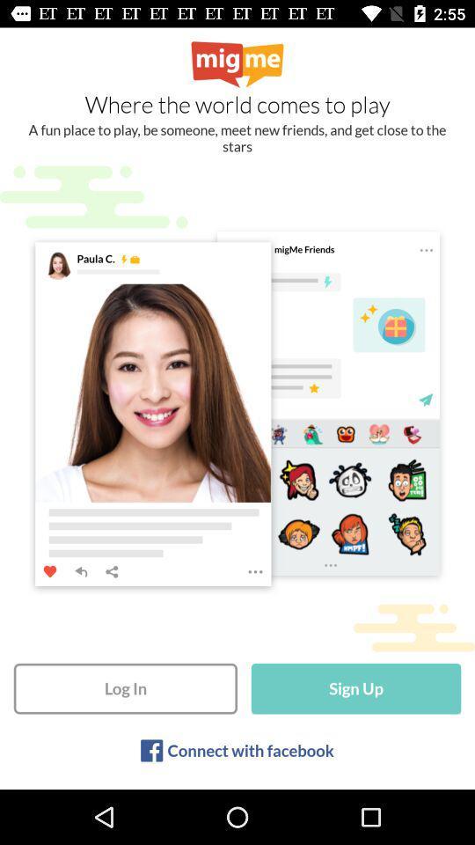  I want to click on the sign up item, so click(356, 688).